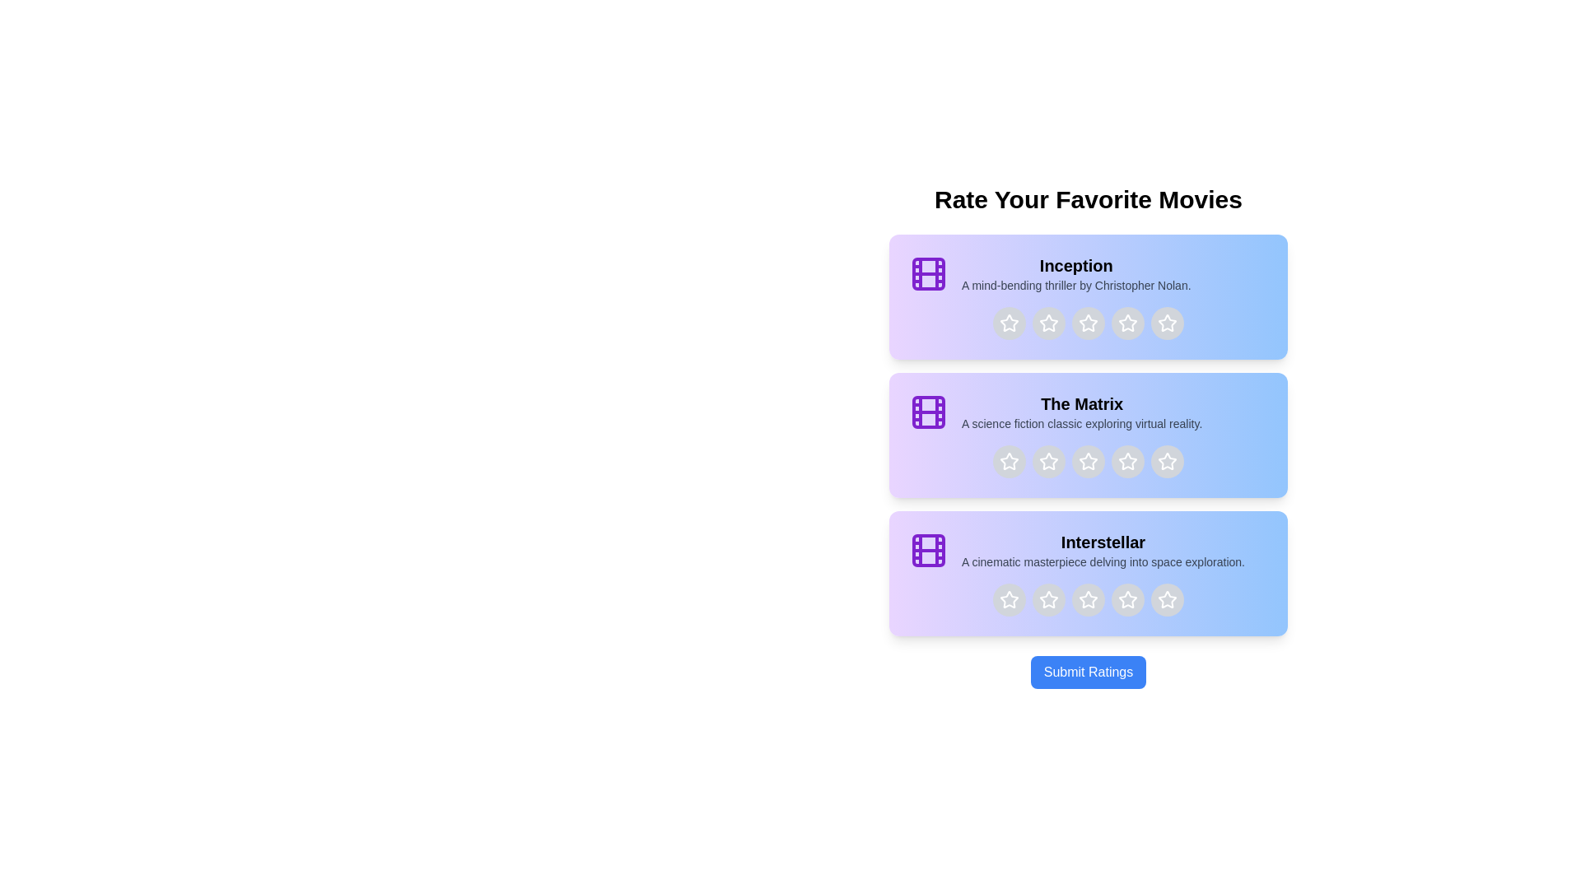 The width and height of the screenshot is (1581, 889). I want to click on the star corresponding to 2 stars for the movie titled Interstellar, so click(1047, 600).